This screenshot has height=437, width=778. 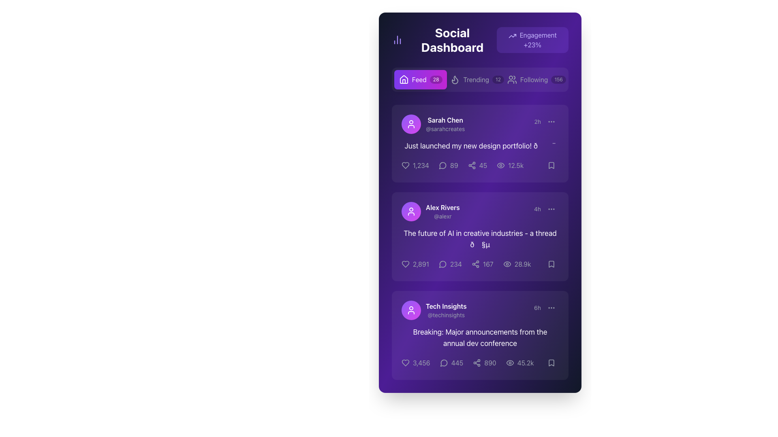 I want to click on the text label displaying the bold number '89', which is a count indicator located to the right of the comment icon in the interaction bar of the first post in the feed, so click(x=454, y=165).